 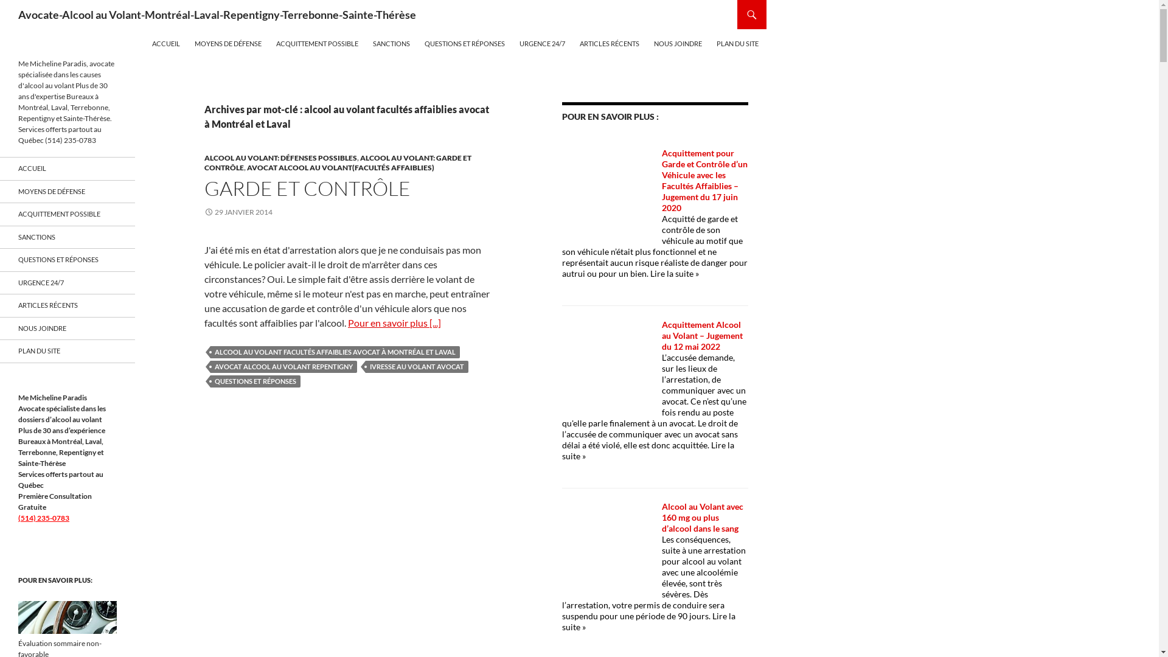 I want to click on '(514) 235-0783', so click(x=18, y=518).